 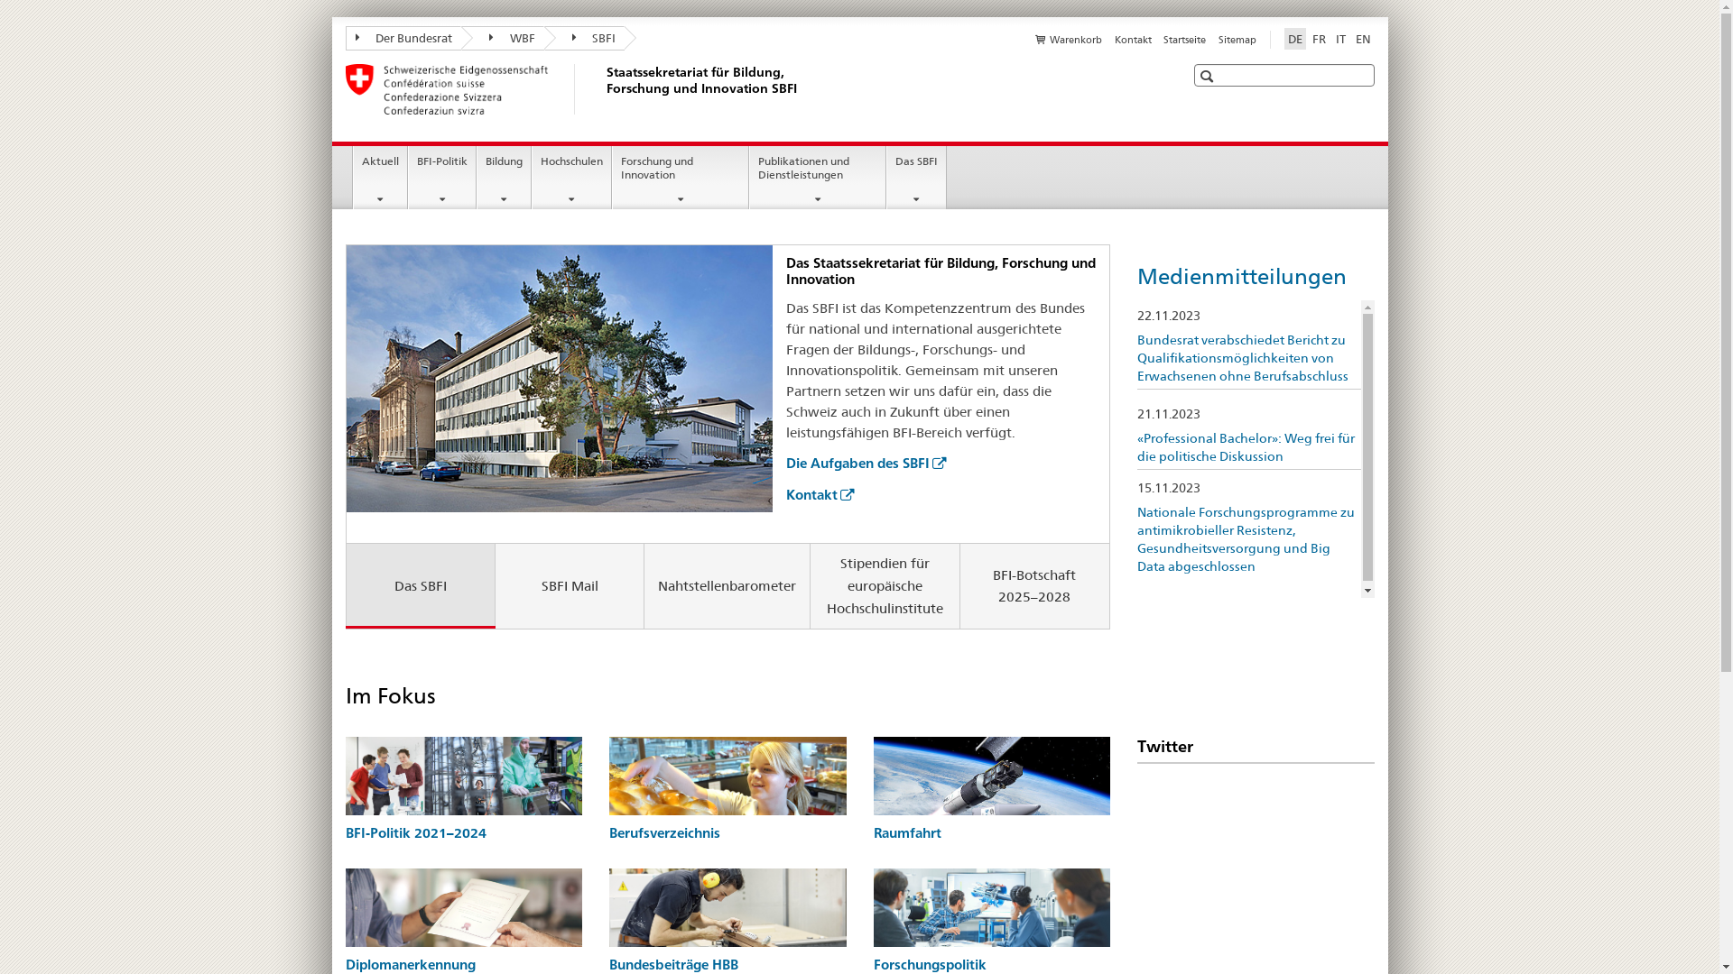 What do you see at coordinates (1069, 39) in the screenshot?
I see `'Warenkorb'` at bounding box center [1069, 39].